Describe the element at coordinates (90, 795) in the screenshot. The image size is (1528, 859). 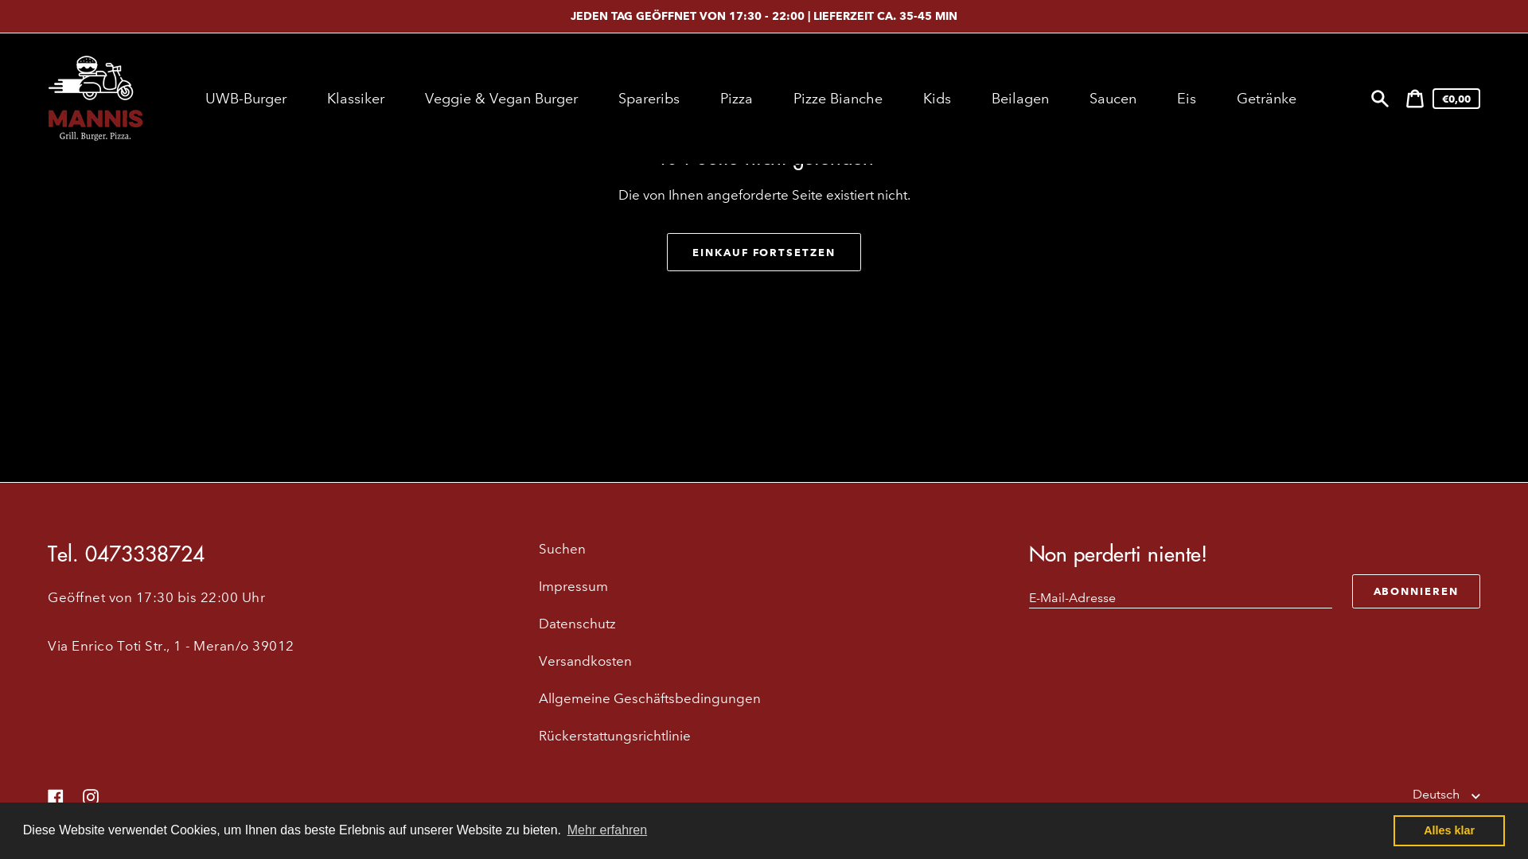
I see `'Instagram'` at that location.